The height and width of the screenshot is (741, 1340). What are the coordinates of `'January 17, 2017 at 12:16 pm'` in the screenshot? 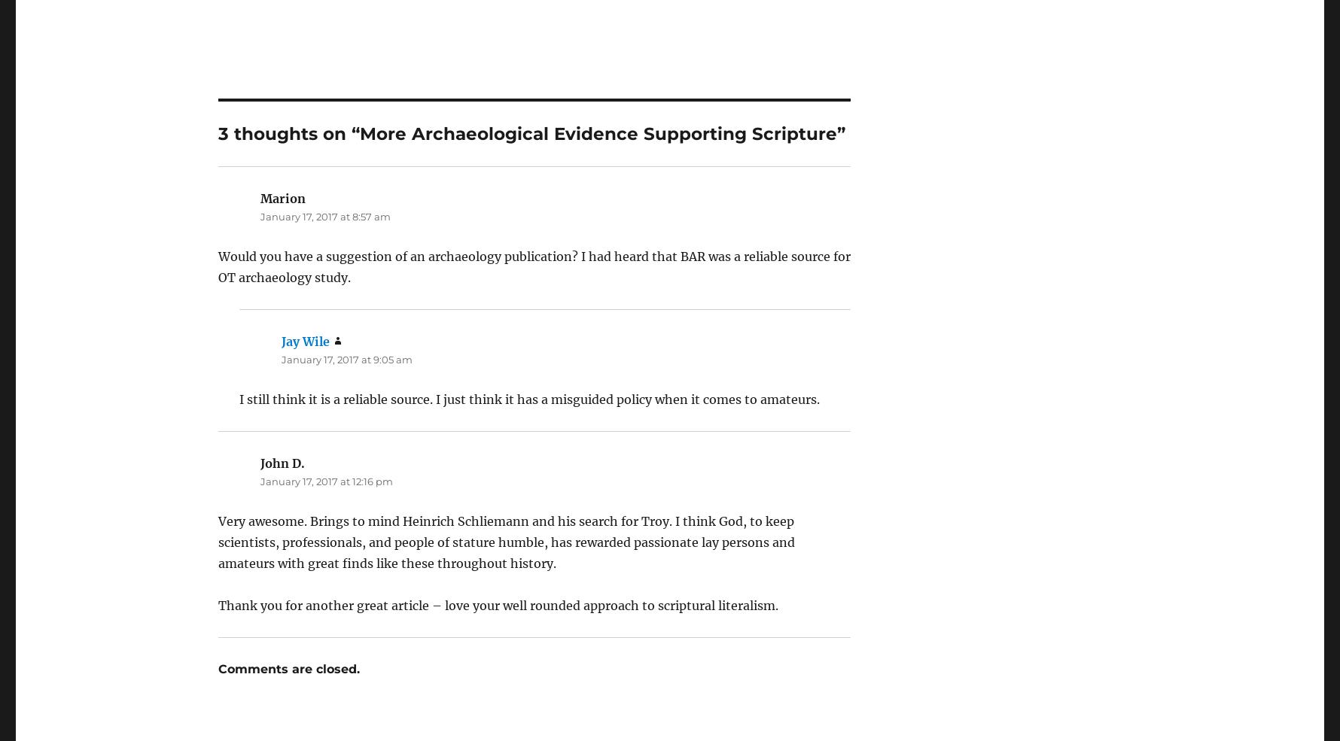 It's located at (325, 439).